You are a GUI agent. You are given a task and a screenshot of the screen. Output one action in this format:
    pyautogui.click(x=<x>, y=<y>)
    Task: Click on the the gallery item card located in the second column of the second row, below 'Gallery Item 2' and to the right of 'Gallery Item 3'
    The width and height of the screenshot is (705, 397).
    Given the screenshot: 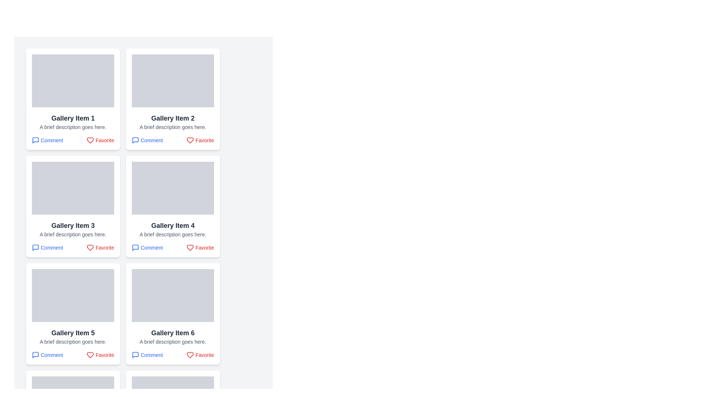 What is the action you would take?
    pyautogui.click(x=172, y=207)
    